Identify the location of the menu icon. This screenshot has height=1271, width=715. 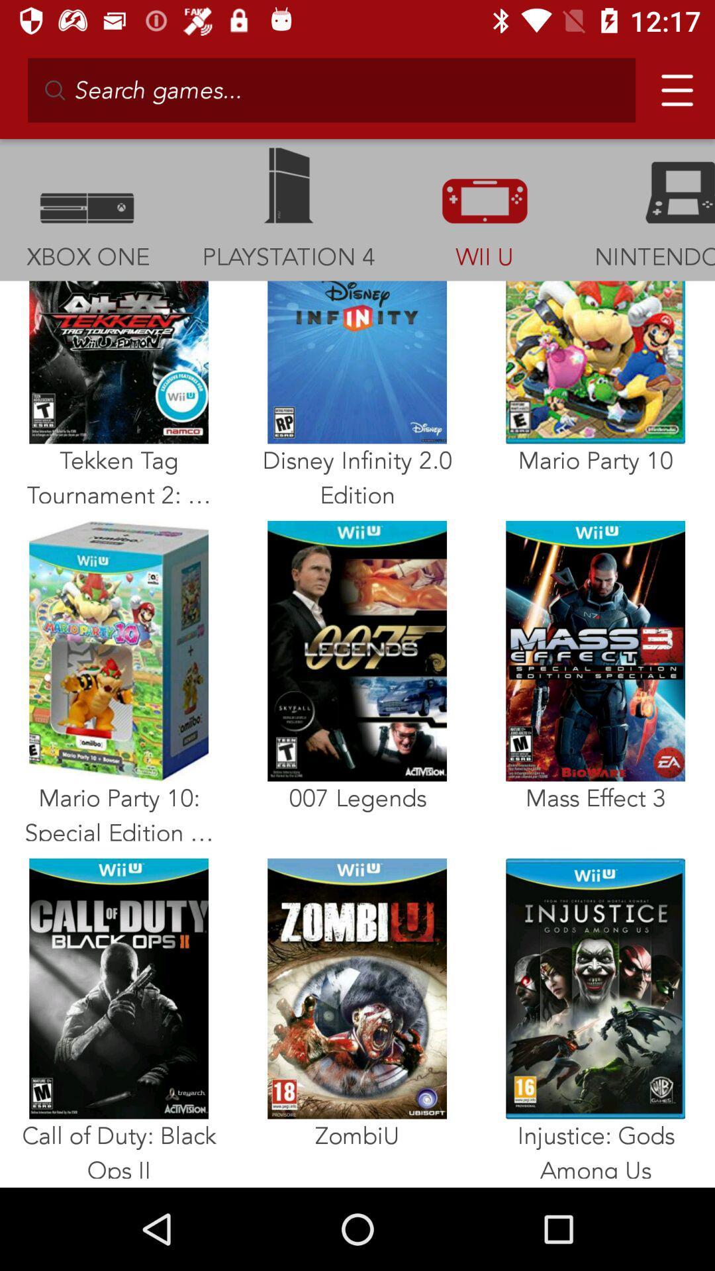
(671, 84).